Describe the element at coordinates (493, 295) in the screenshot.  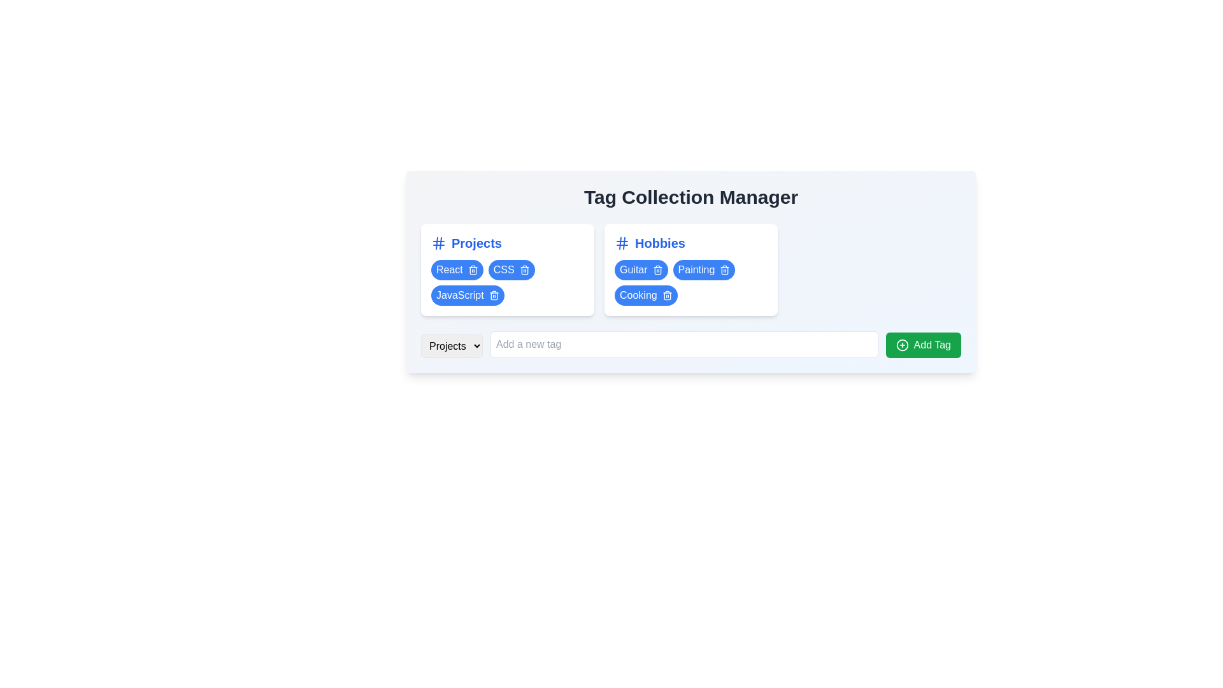
I see `the delete button positioned at the rightmost side of the 'JavaScript' tag in the 'Projects' section` at that location.